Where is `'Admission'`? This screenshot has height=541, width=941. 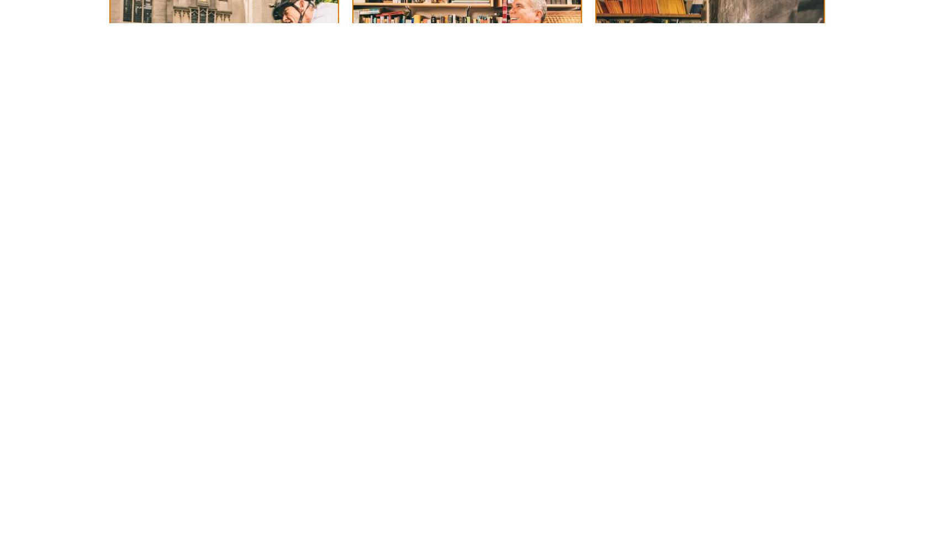 'Admission' is located at coordinates (139, 31).